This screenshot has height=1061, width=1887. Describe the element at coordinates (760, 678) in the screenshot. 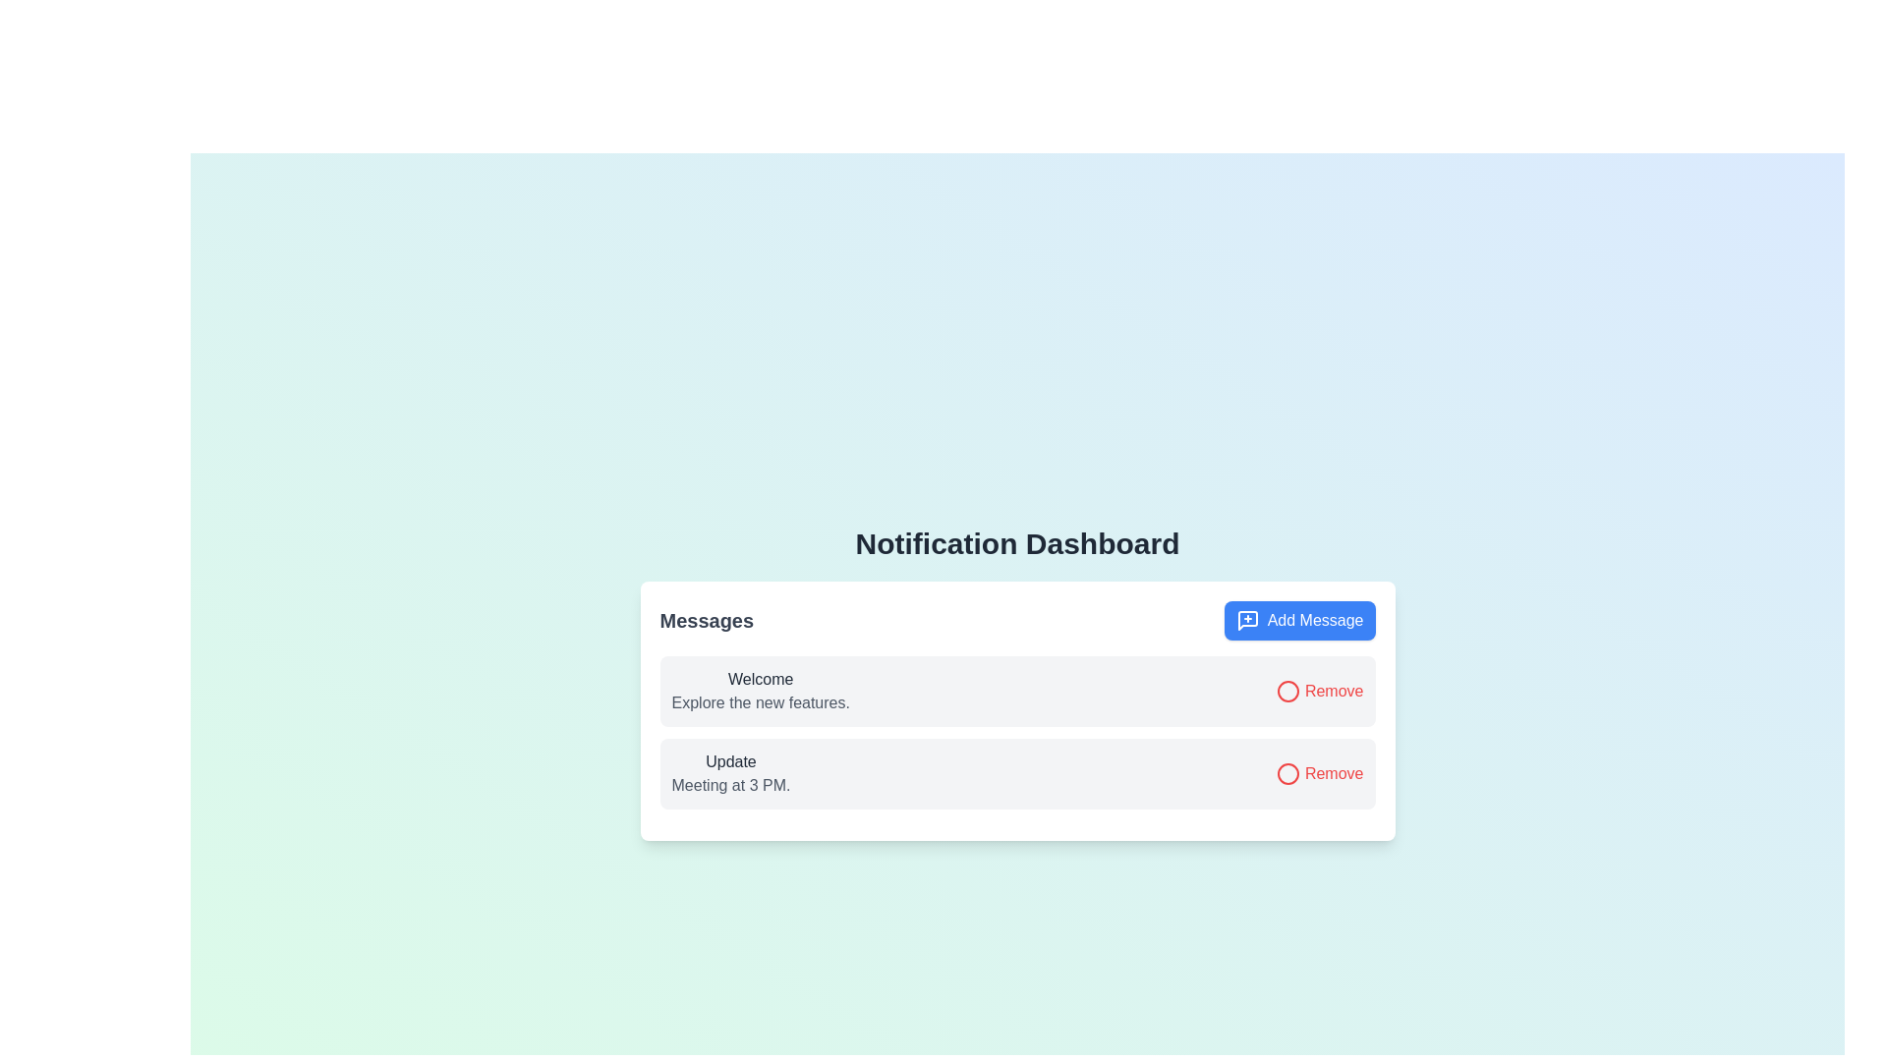

I see `the welcome message static text label located in the Messages section, which is positioned at the top-left corner of the message content area above the subtitle 'Explore the new features.'` at that location.